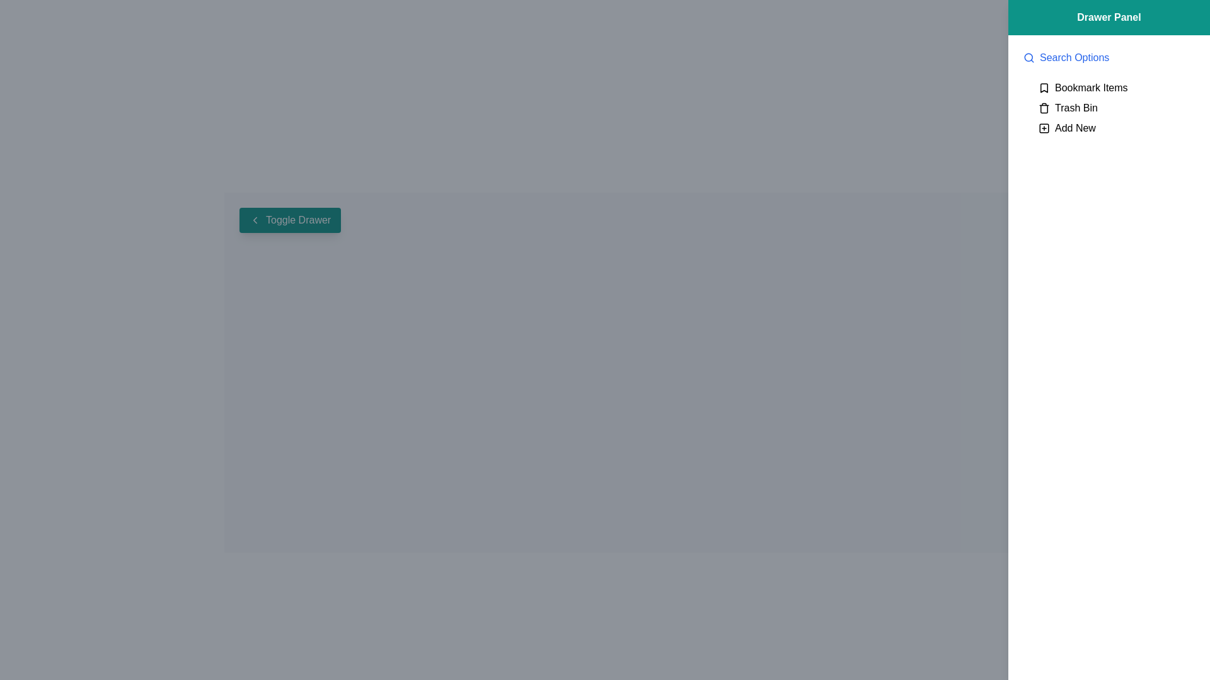 The height and width of the screenshot is (680, 1210). I want to click on the plus icon button located to the left of the 'Add New' text in the Drawer Panel, so click(1044, 128).